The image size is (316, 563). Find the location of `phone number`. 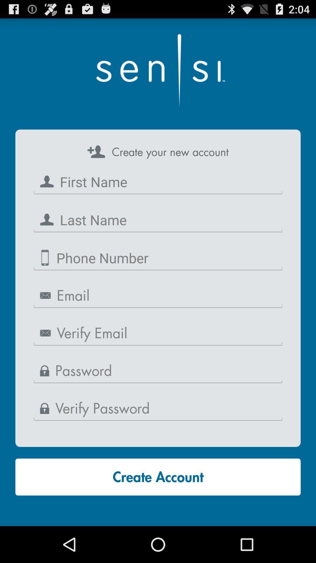

phone number is located at coordinates (158, 258).